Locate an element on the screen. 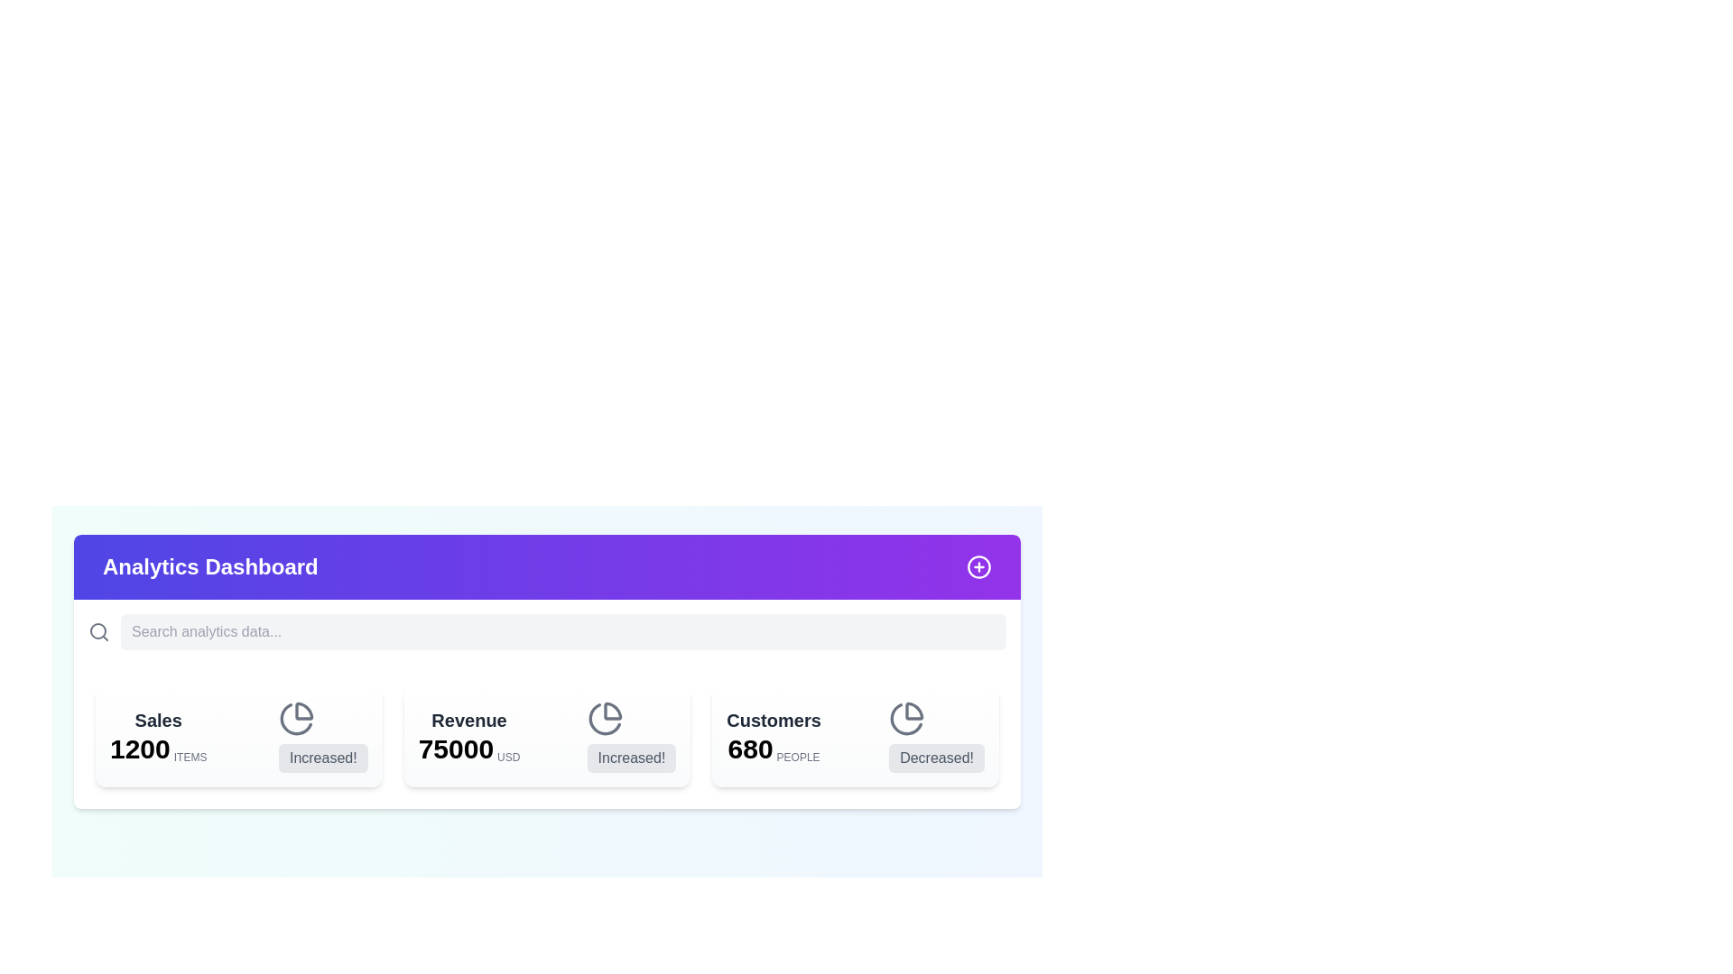  the Text label that describes the unit of the sales data, positioned to the right of the numerical value '1200' is located at coordinates (190, 758).